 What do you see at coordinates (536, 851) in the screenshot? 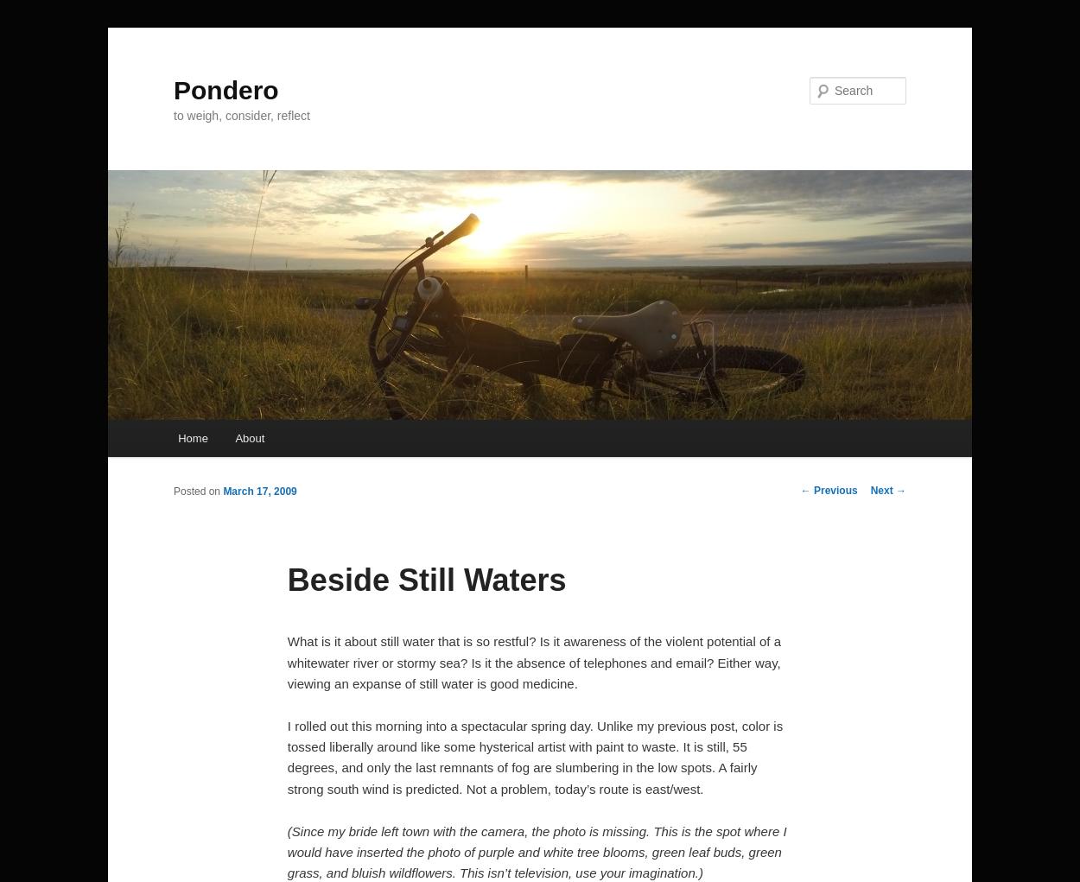
I see `'(Since my bride left town with the camera, the photo is missing.  This is the spot where I would have inserted the photo of purple and white tree blooms, green leaf buds, green grass, and bluish wildflowers.  This isn’t television, use your imagination.)'` at bounding box center [536, 851].